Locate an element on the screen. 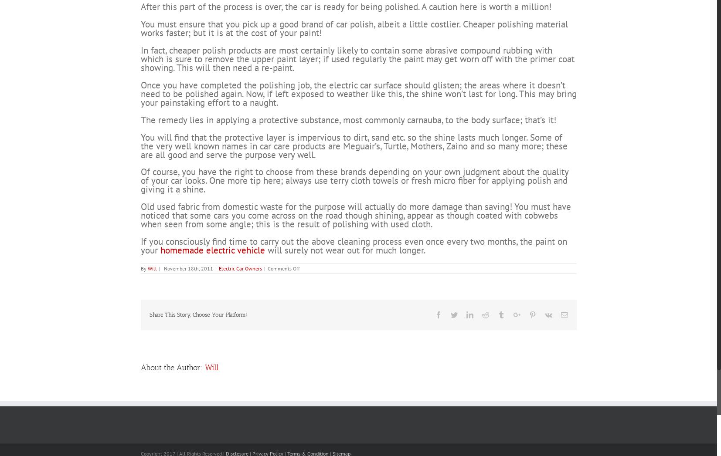 The width and height of the screenshot is (721, 456). 'homemade electric vehicle' is located at coordinates (212, 282).